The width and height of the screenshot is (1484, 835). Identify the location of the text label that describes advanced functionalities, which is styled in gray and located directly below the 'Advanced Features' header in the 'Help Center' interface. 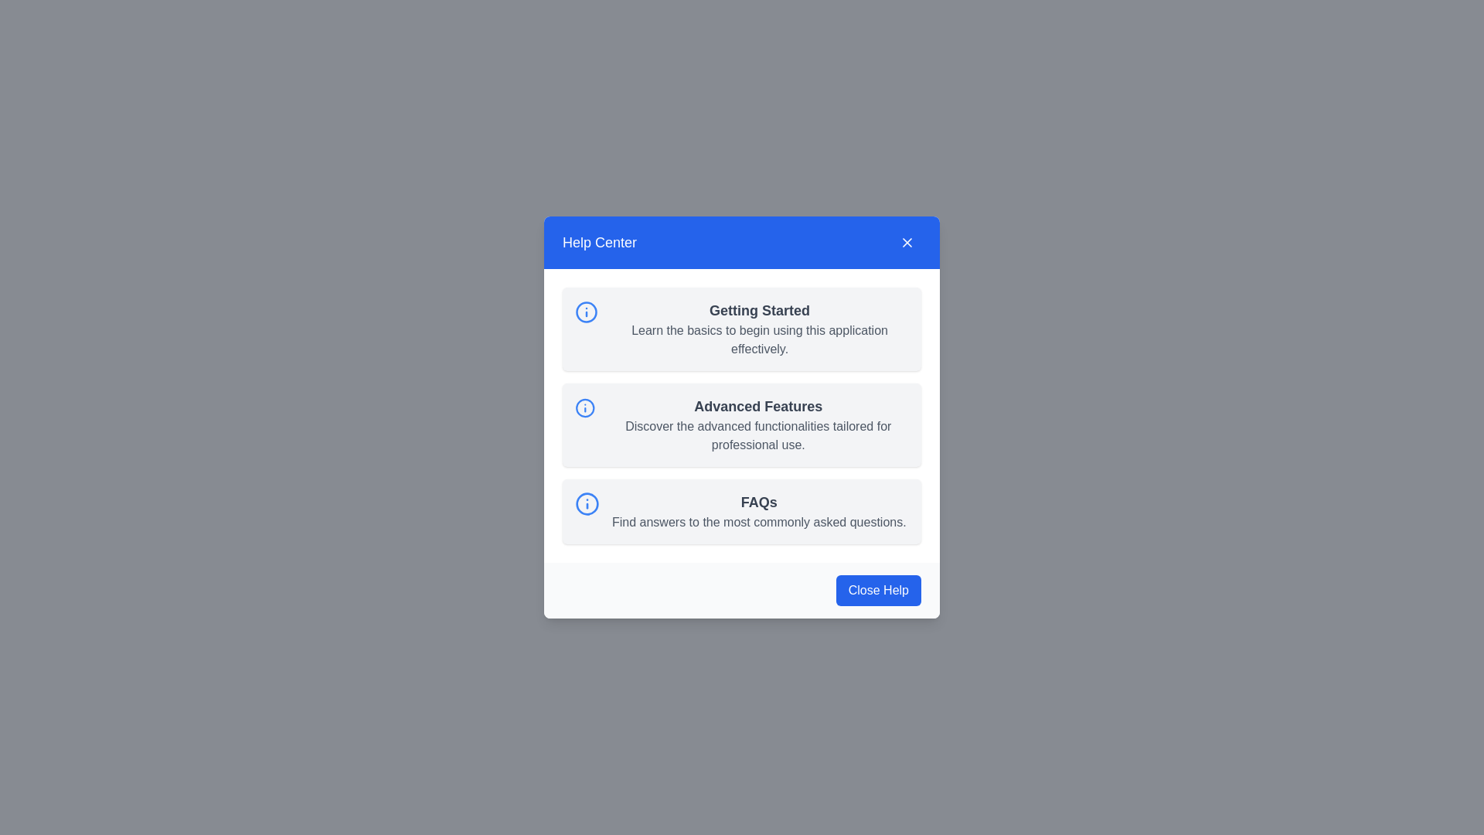
(758, 435).